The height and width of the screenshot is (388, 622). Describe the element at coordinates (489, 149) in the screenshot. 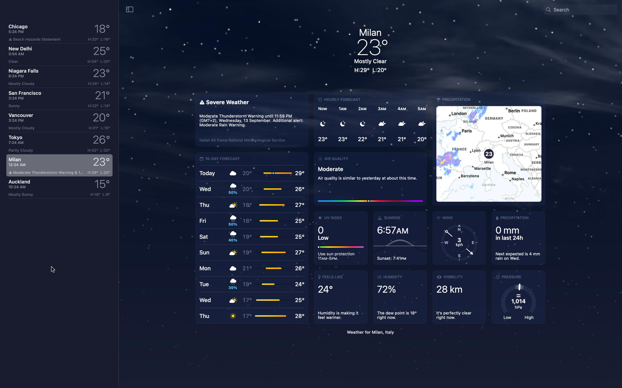

I see `Verify wind conditions in map mode` at that location.